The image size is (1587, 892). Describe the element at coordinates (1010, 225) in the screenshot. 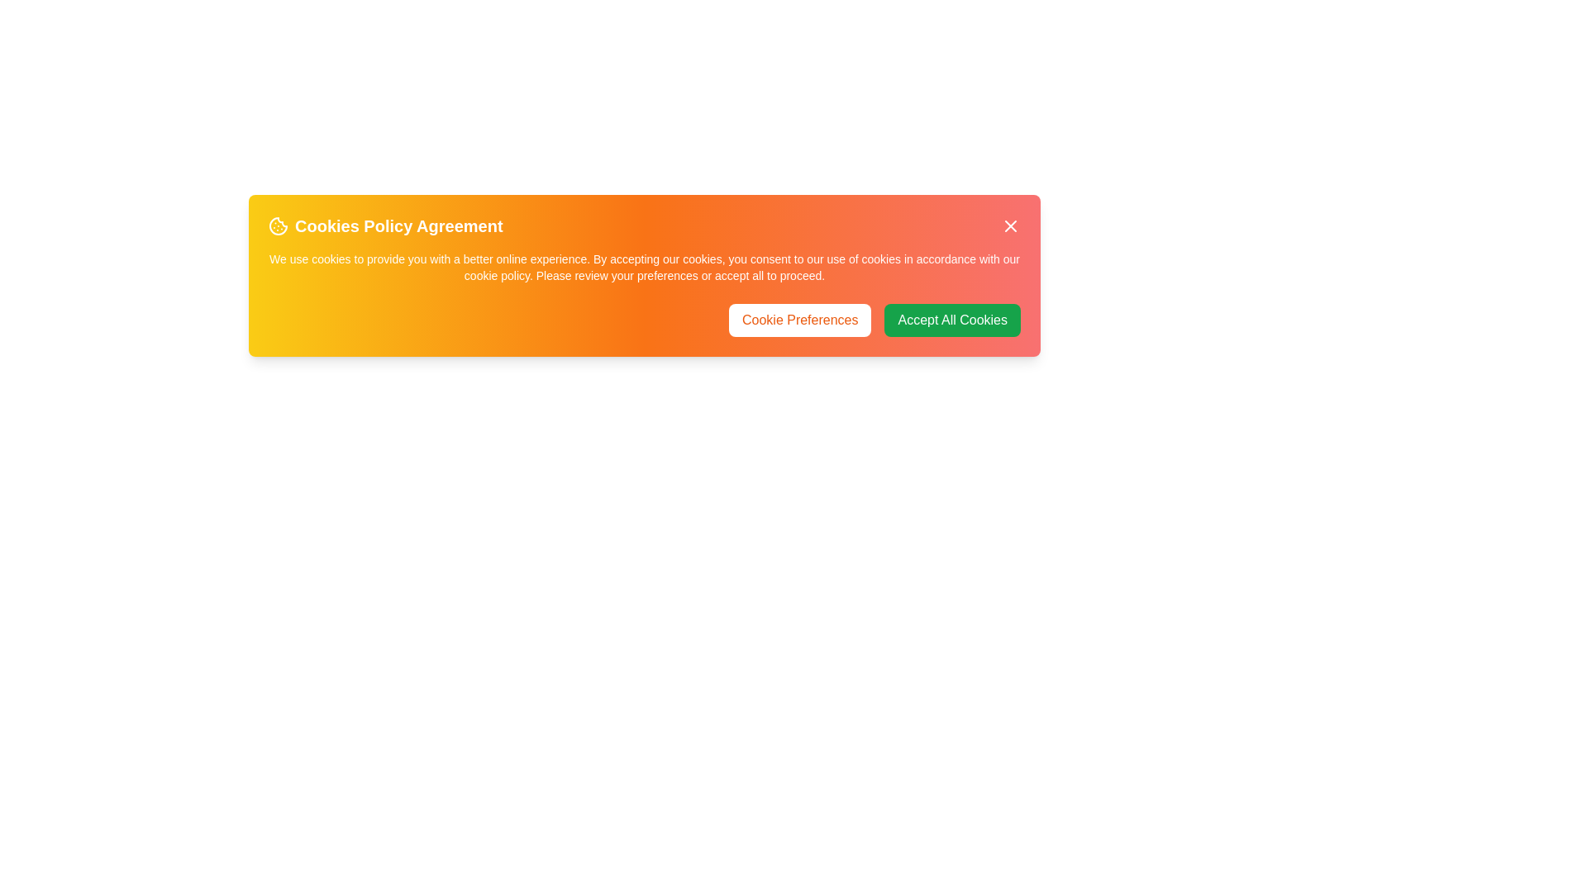

I see `the close button icon in the top-right corner of the cookie agreement banner` at that location.